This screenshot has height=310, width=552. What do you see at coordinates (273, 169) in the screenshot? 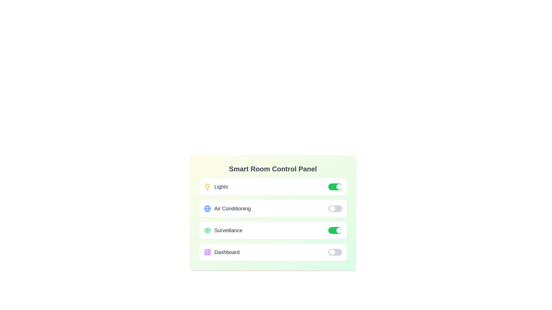
I see `the title 'Smart Room Control Panel' to select the text` at bounding box center [273, 169].